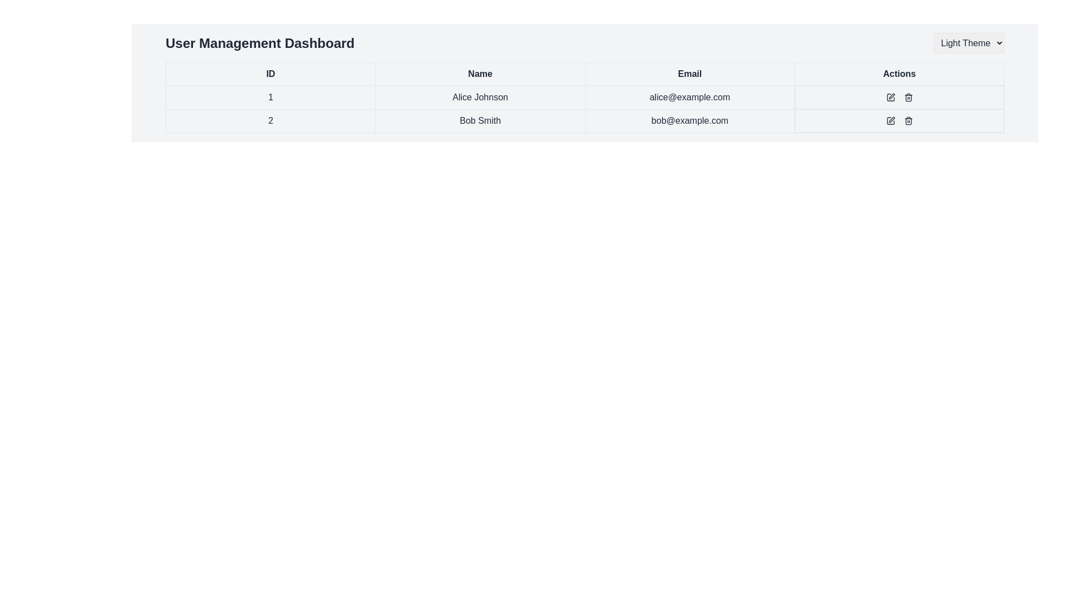 The height and width of the screenshot is (602, 1071). Describe the element at coordinates (908, 96) in the screenshot. I see `the delete icon button located in the second row of the table under the 'Actions' column` at that location.